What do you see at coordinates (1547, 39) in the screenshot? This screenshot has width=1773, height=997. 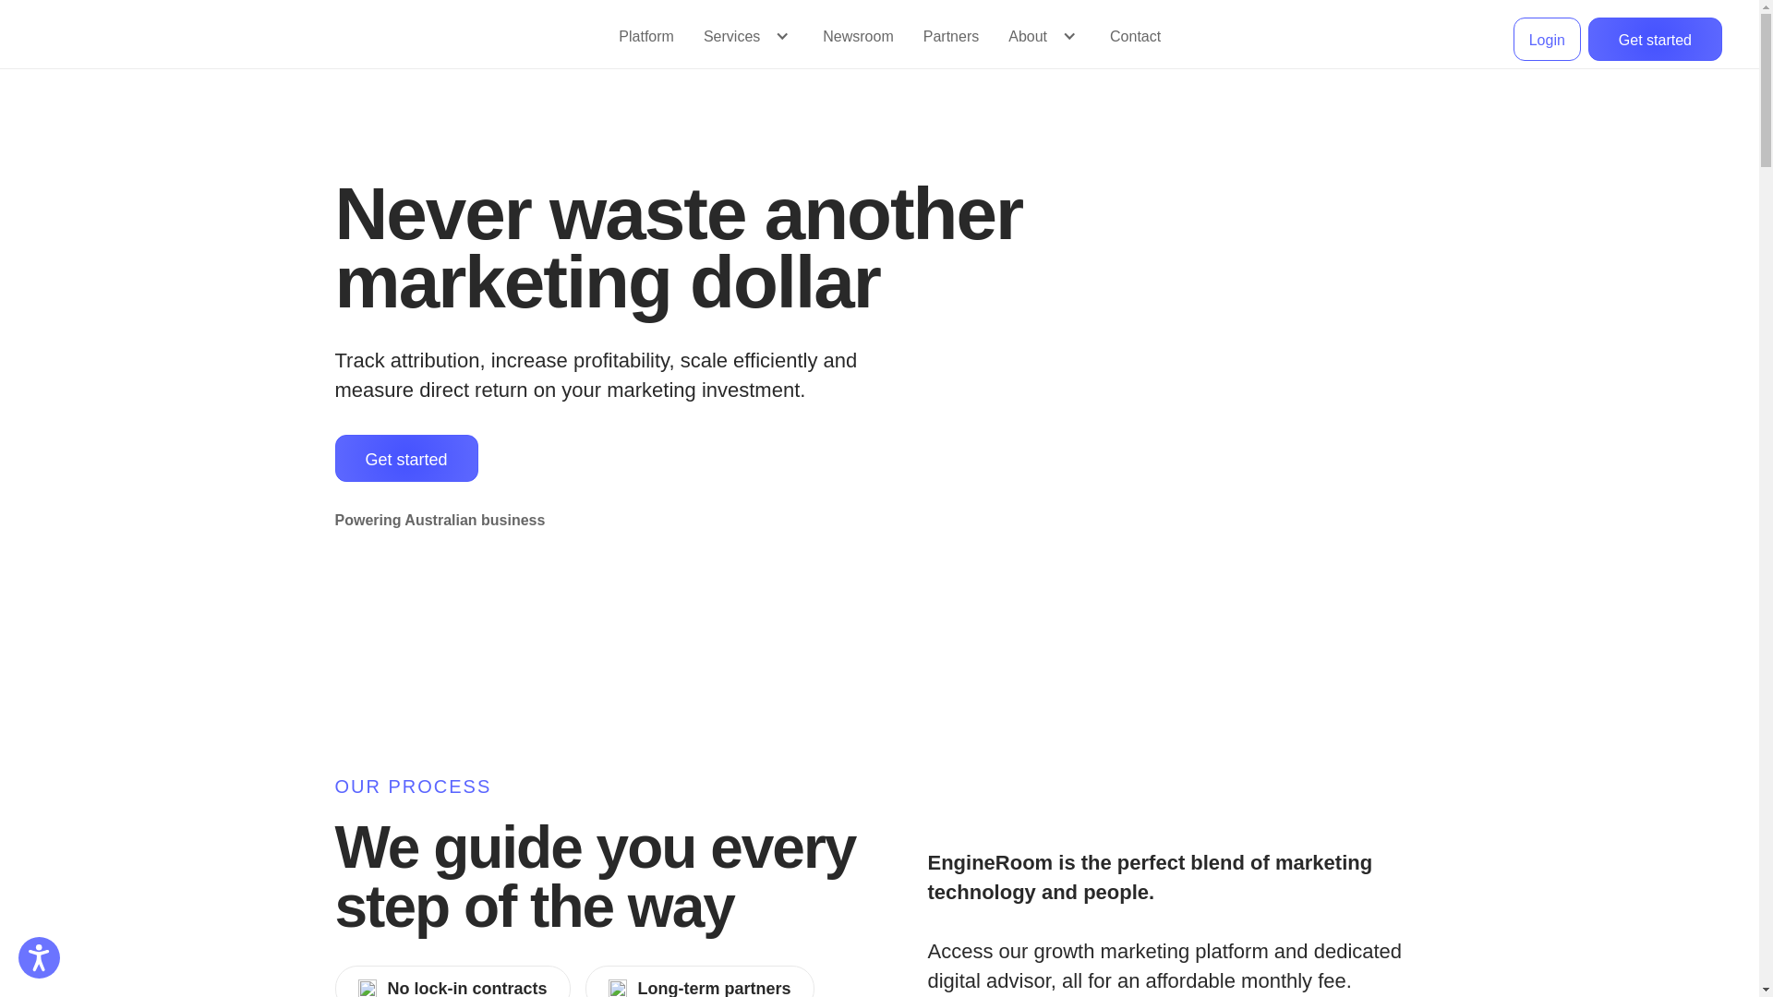 I see `'Login'` at bounding box center [1547, 39].